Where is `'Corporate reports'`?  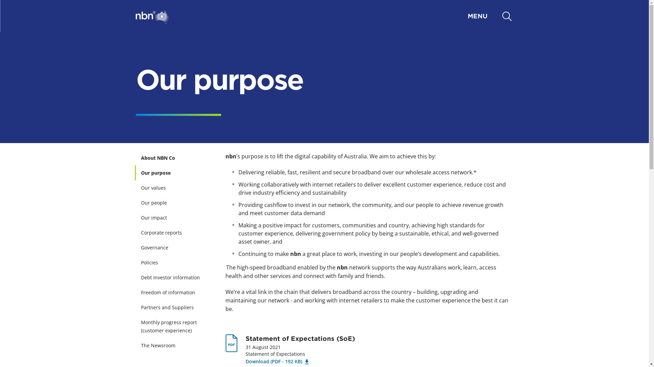 'Corporate reports' is located at coordinates (174, 232).